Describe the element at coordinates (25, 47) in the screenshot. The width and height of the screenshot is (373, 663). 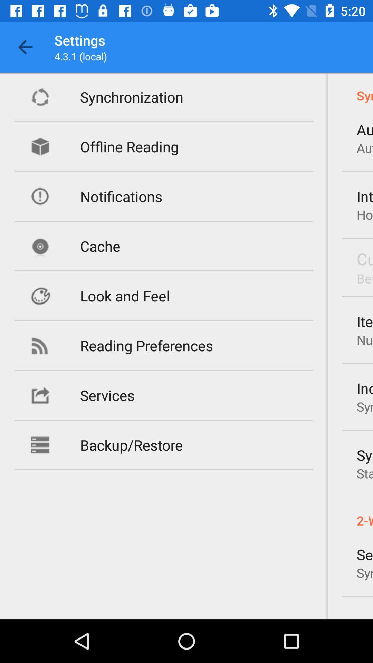
I see `item next to the settings` at that location.